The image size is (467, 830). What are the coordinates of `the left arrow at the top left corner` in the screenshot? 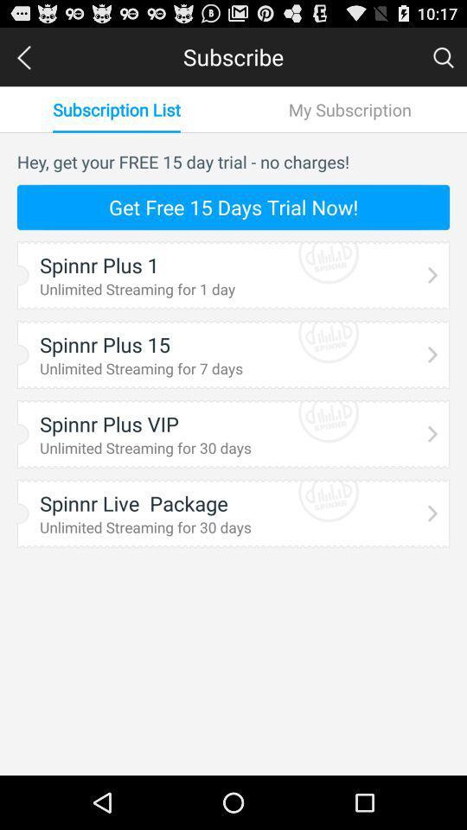 It's located at (23, 56).